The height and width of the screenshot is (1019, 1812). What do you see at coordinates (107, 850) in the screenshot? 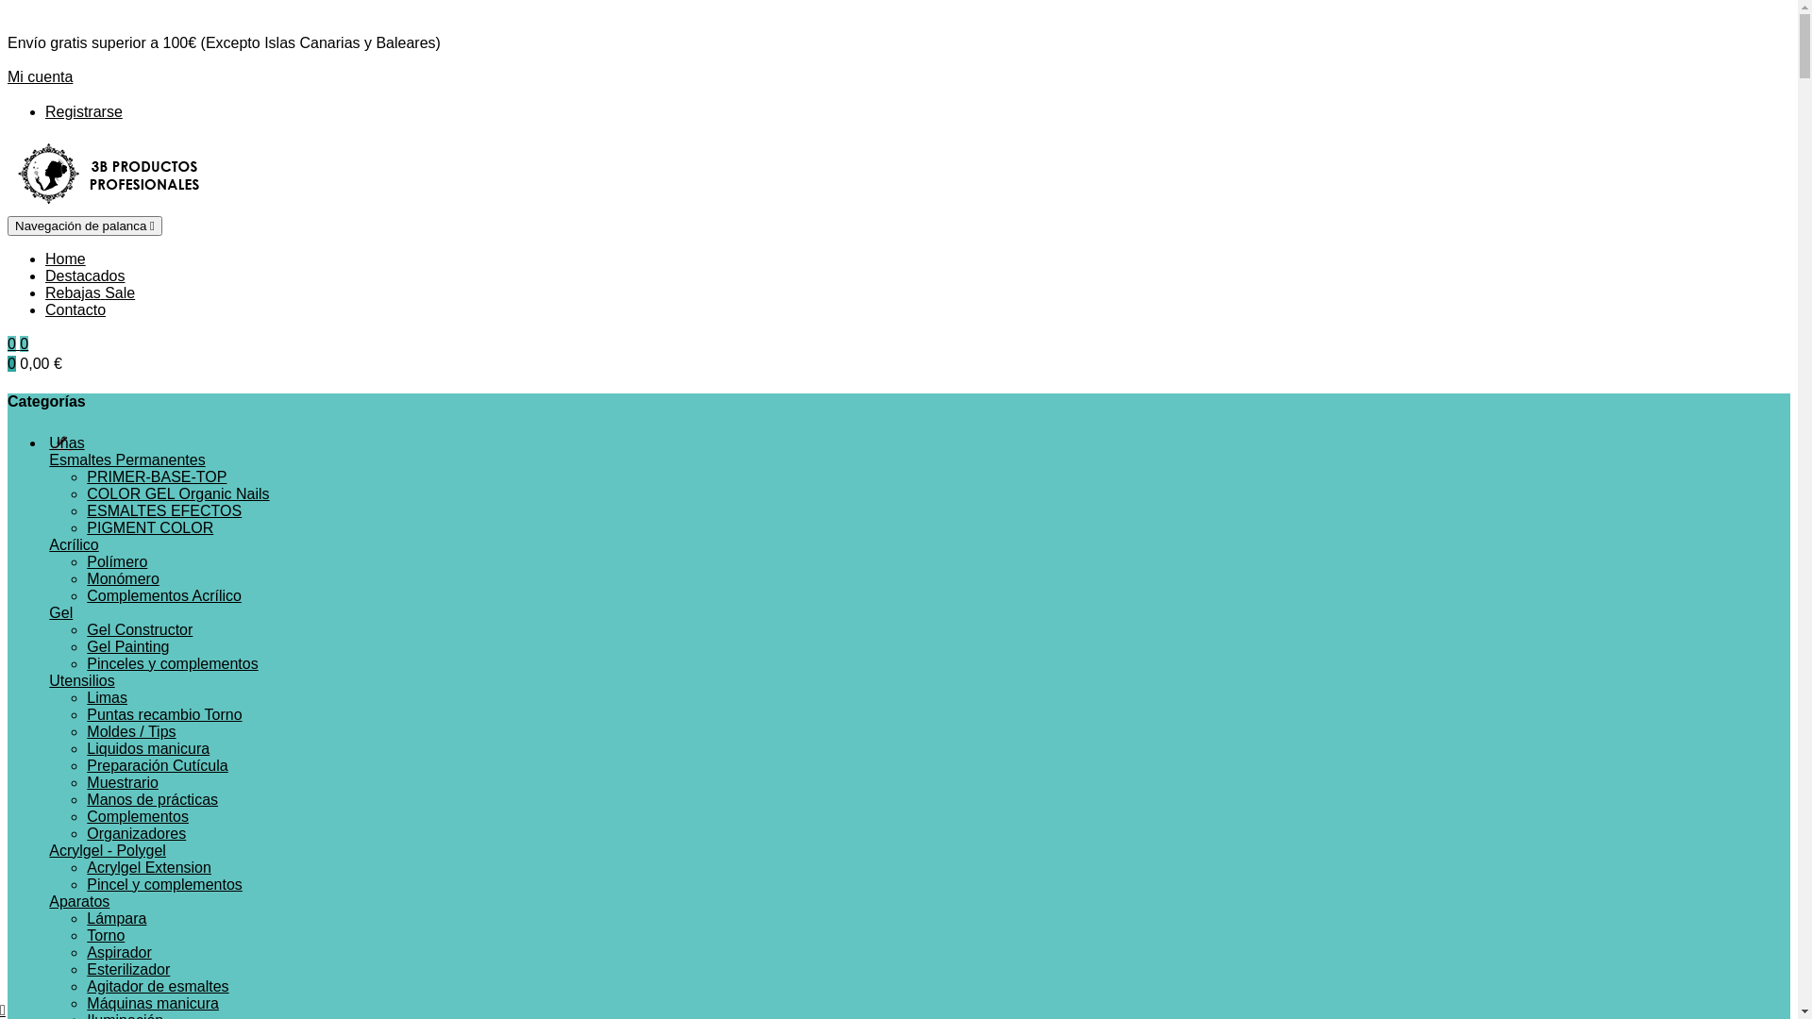
I see `'Acrylgel - Polygel'` at bounding box center [107, 850].